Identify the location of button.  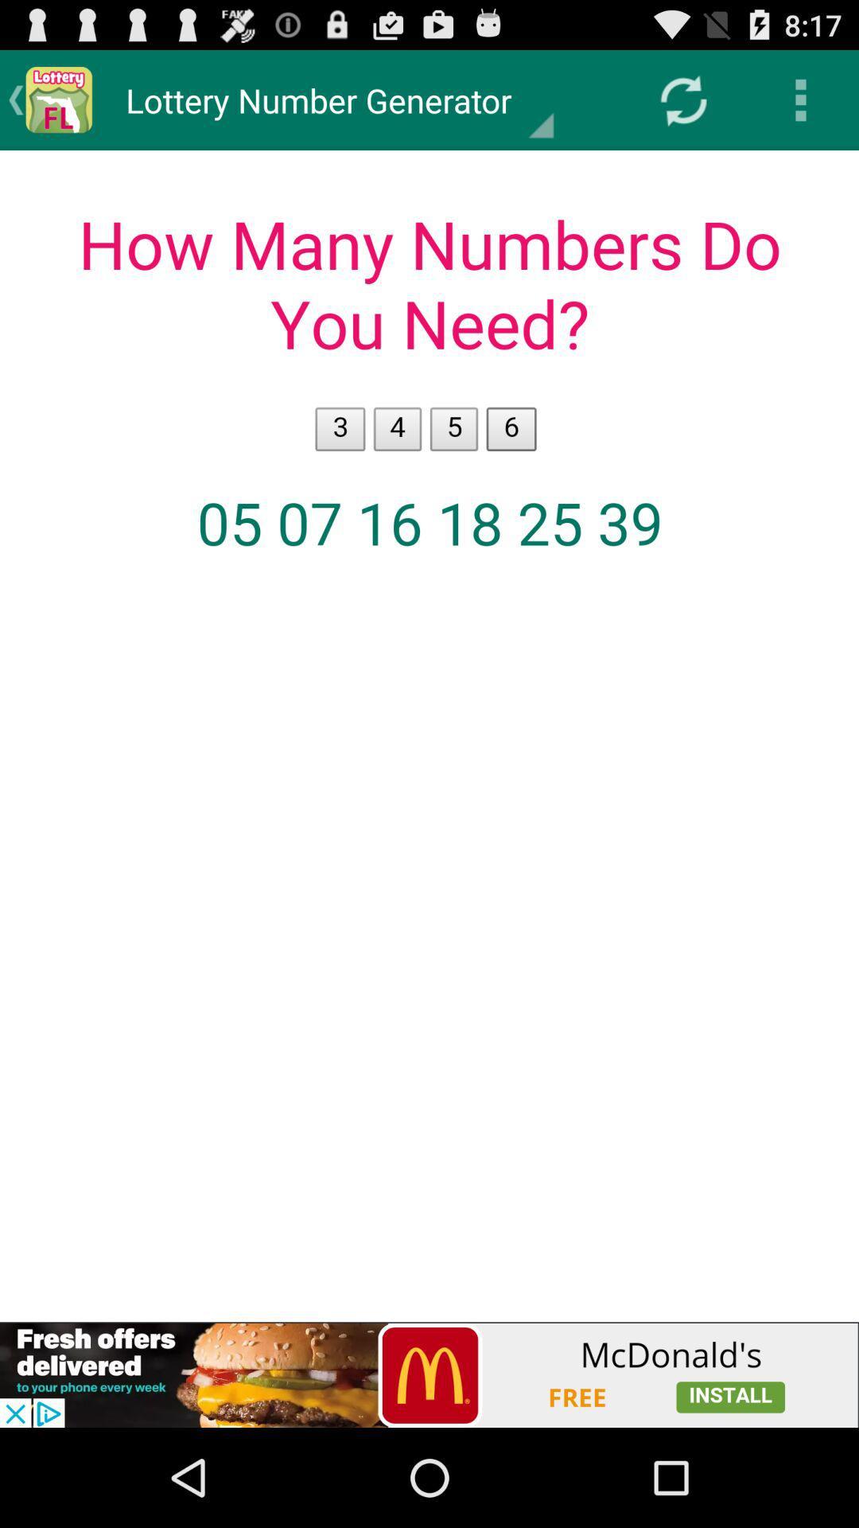
(429, 1374).